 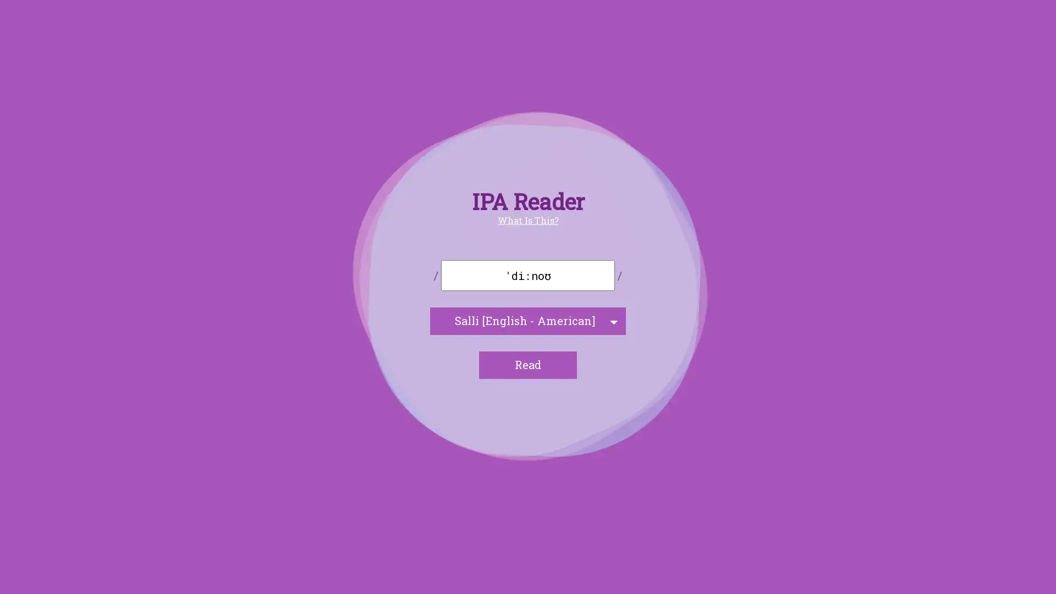 I want to click on Read, so click(x=528, y=365).